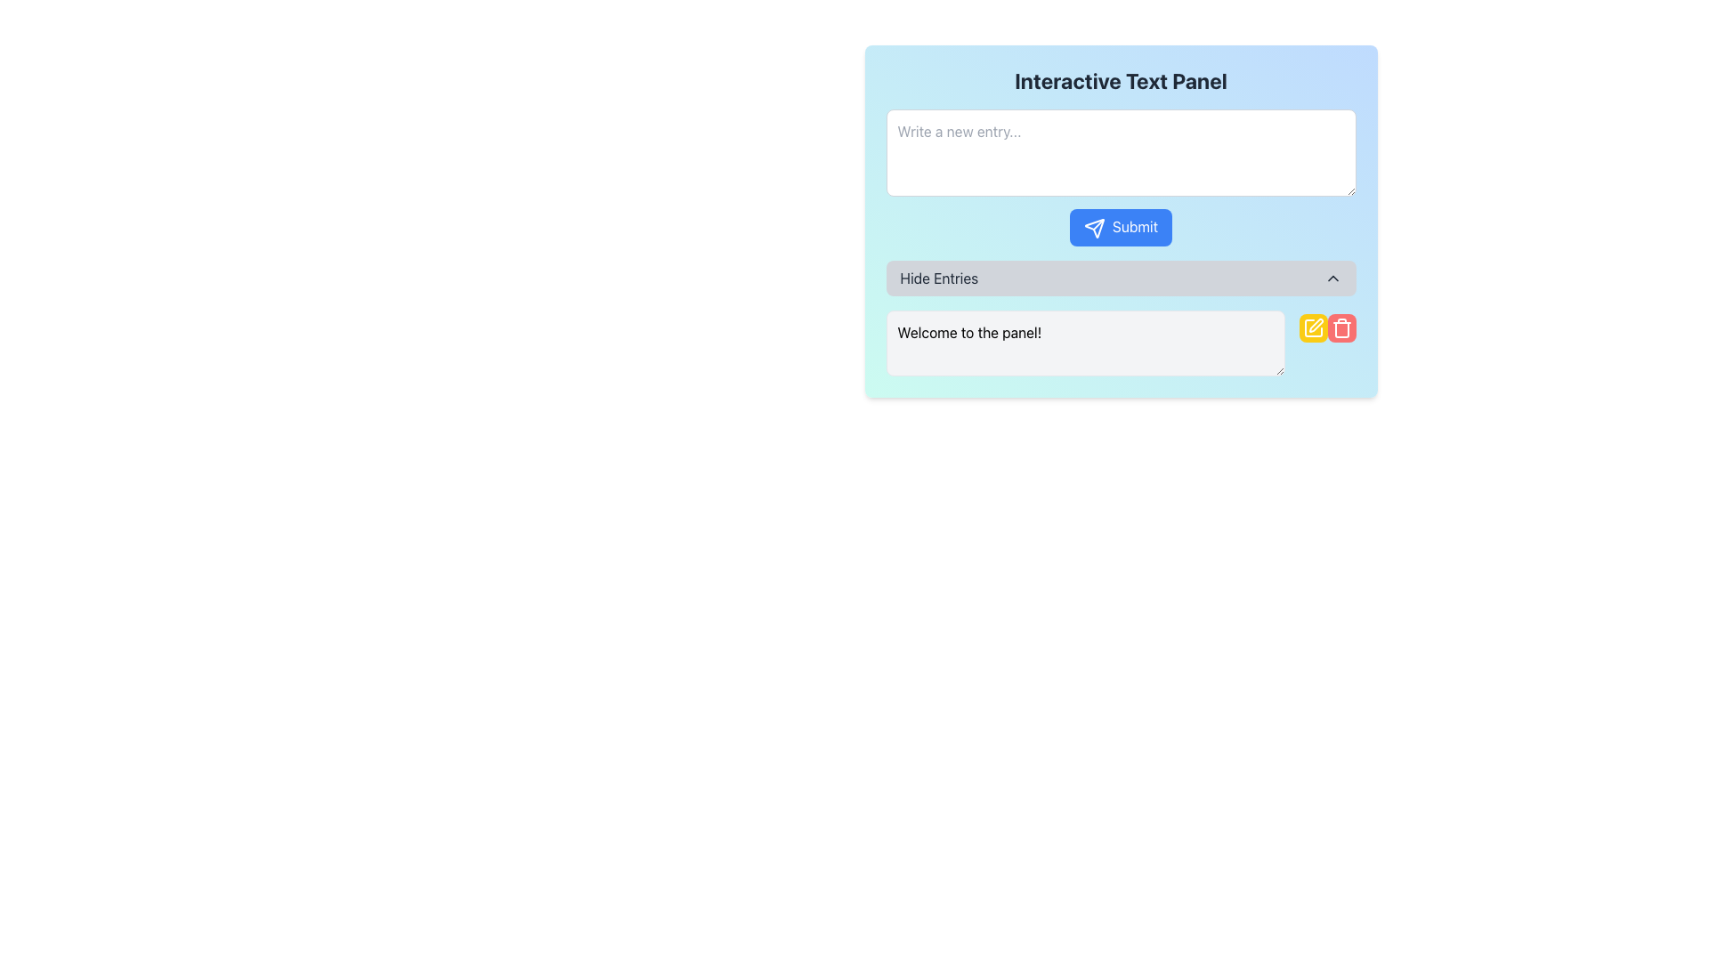 This screenshot has width=1709, height=961. Describe the element at coordinates (1341, 327) in the screenshot. I see `the delete icon button located at the bottom right of the panel, adjacent to the yellow pencil icon, within the red circular area` at that location.